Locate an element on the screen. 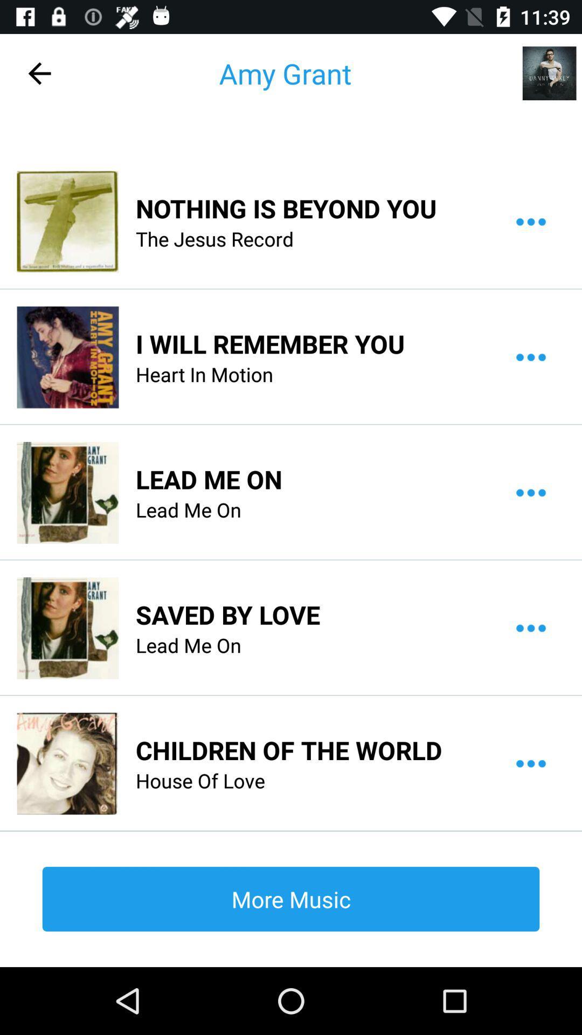 The height and width of the screenshot is (1035, 582). the icon below the lead me on is located at coordinates (288, 749).